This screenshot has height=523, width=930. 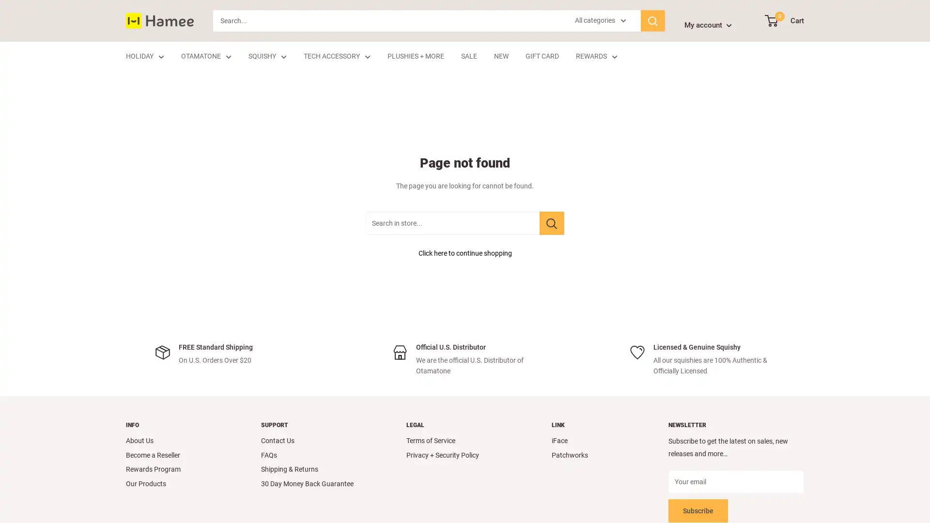 I want to click on LEGAL, so click(x=462, y=424).